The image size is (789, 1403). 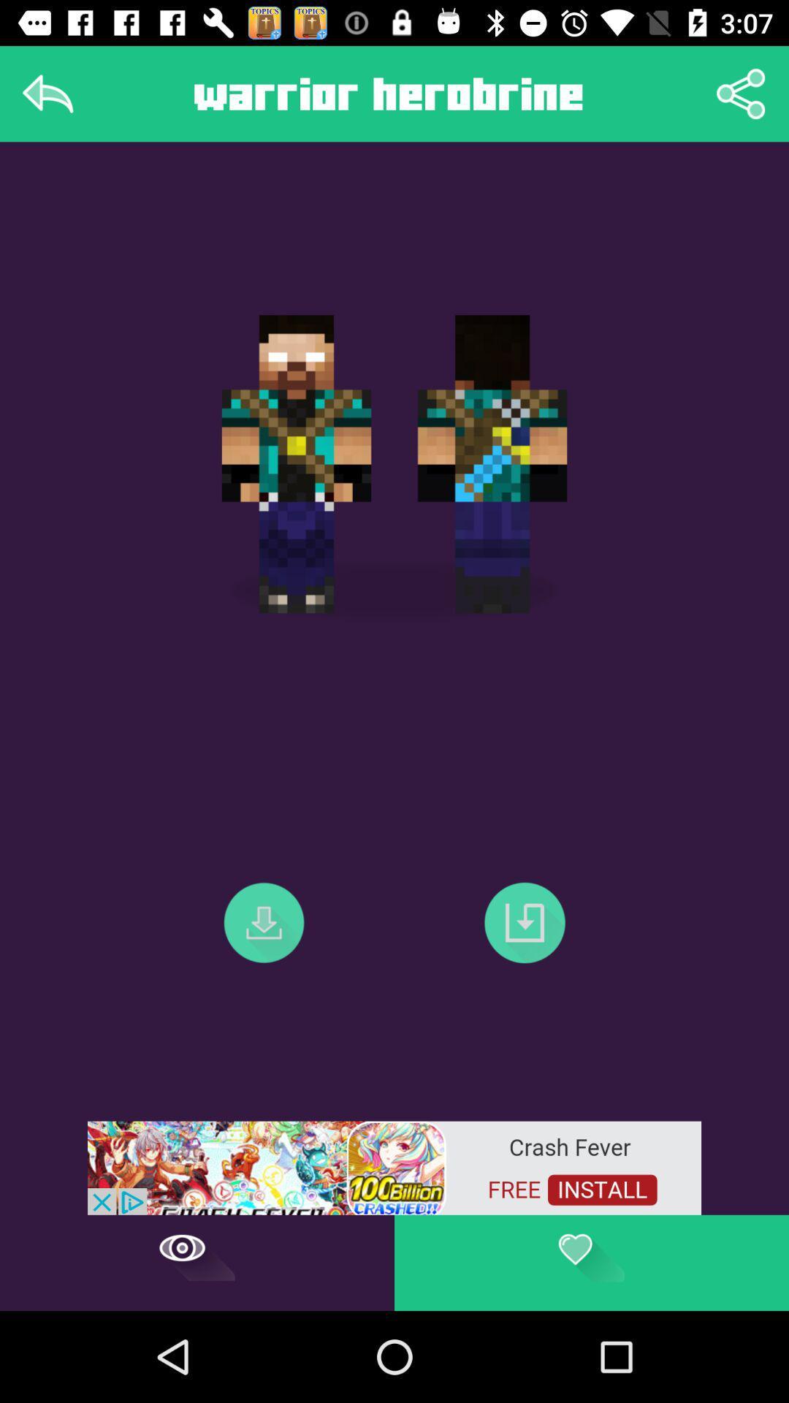 I want to click on the file_download icon, so click(x=264, y=921).